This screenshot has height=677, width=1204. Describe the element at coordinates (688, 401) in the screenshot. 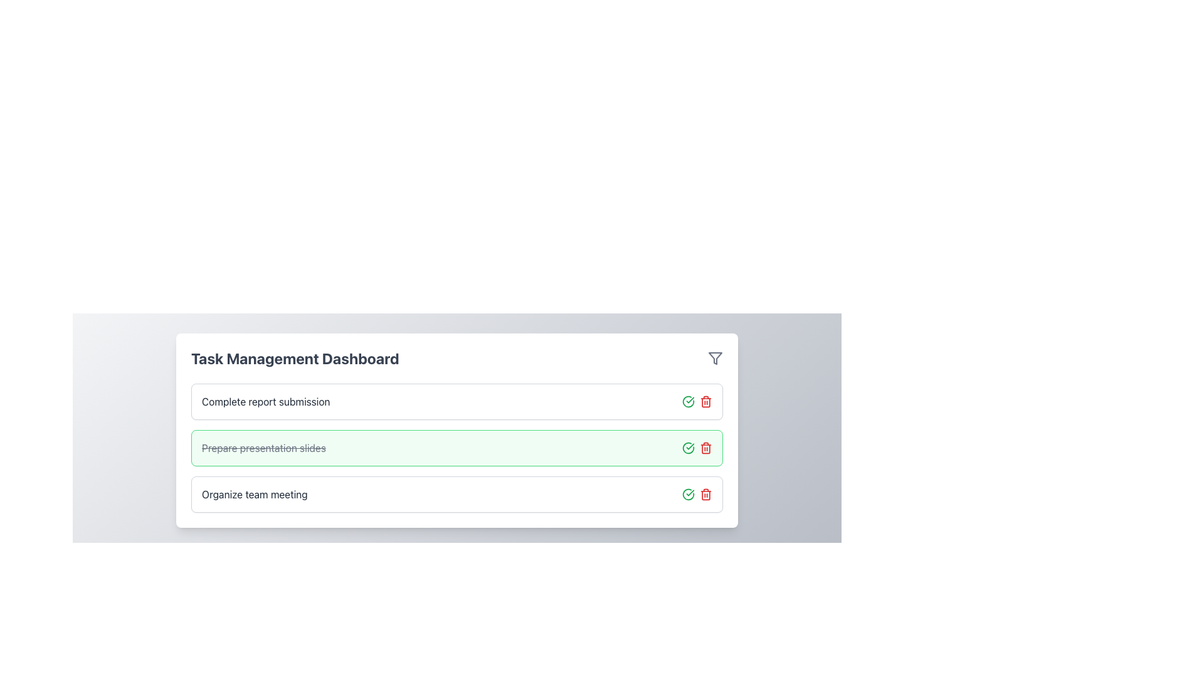

I see `the completion button located on the right side of the second list item titled 'Prepare presentation slides' to mark the task as completed` at that location.